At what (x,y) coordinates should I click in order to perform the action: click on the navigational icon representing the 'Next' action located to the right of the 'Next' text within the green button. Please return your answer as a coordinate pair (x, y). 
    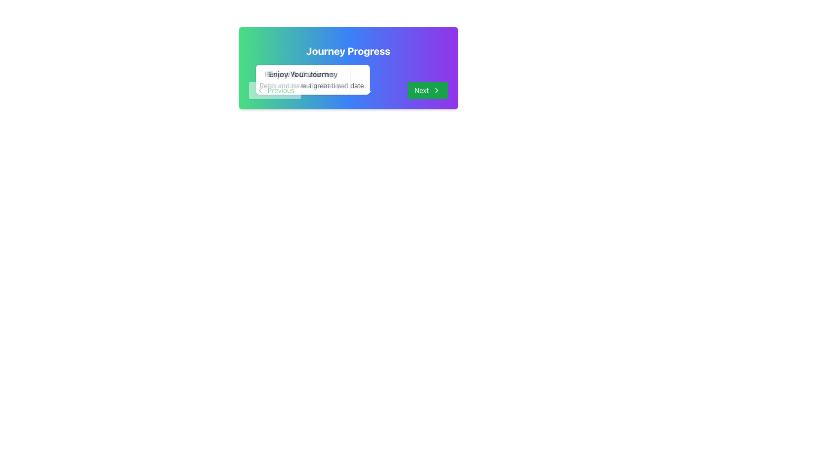
    Looking at the image, I should click on (436, 90).